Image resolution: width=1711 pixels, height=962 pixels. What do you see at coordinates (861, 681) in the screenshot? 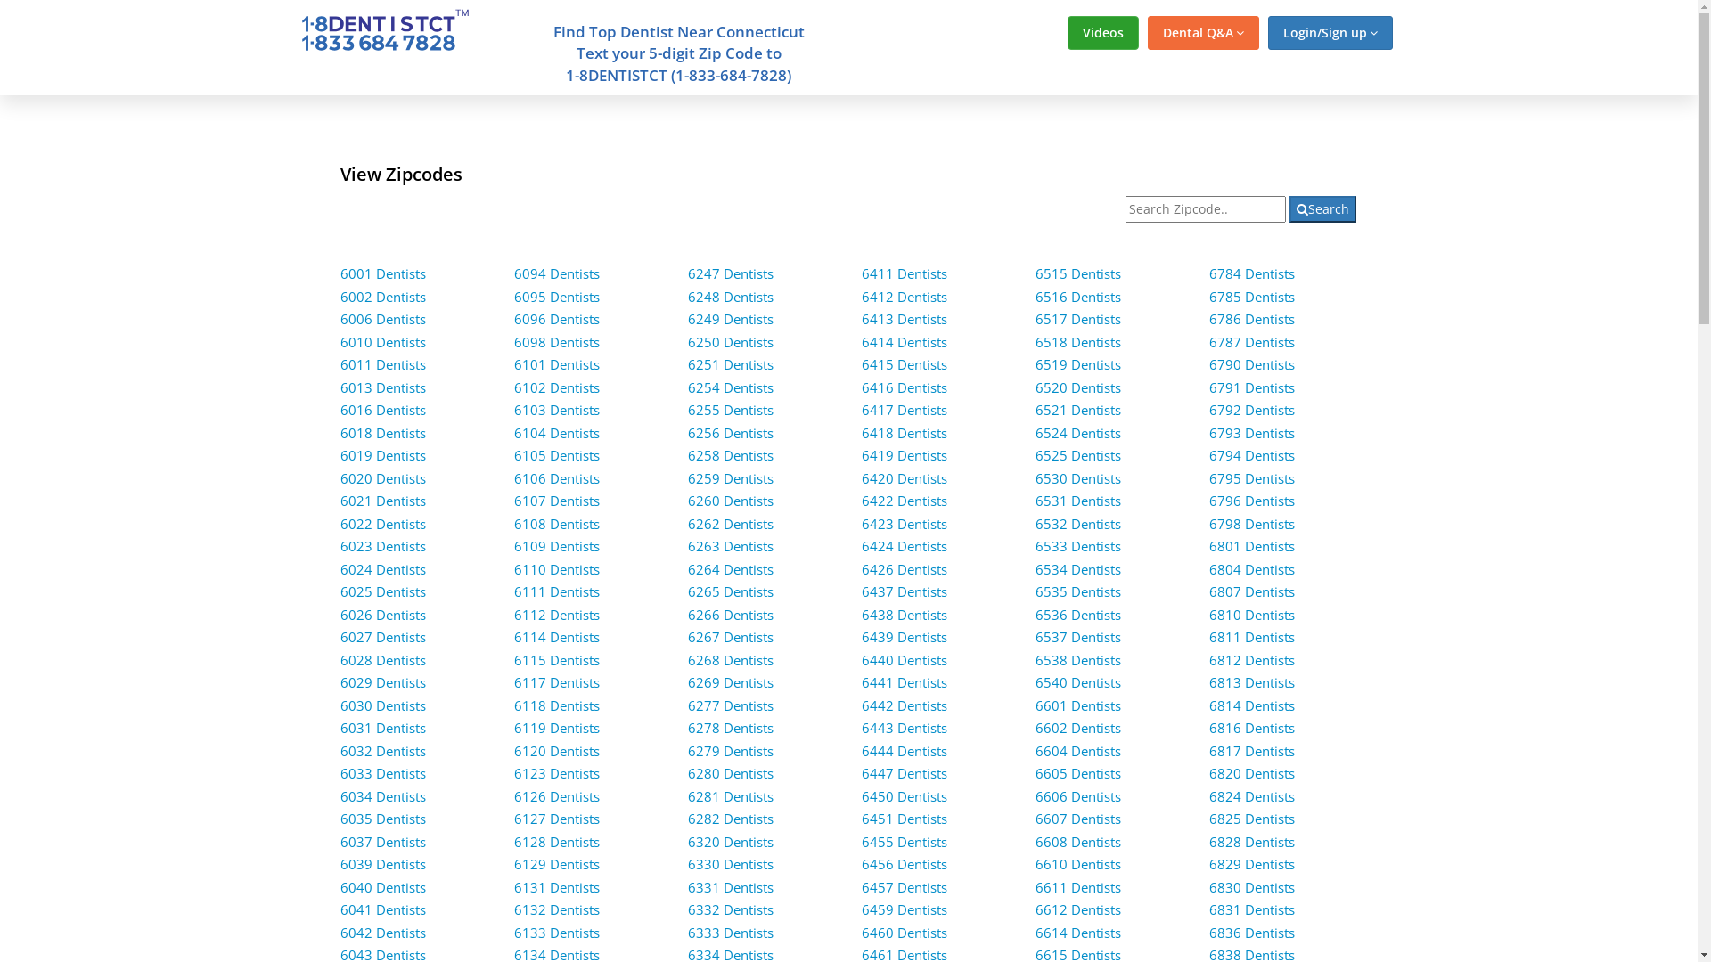
I see `'6441 Dentists'` at bounding box center [861, 681].